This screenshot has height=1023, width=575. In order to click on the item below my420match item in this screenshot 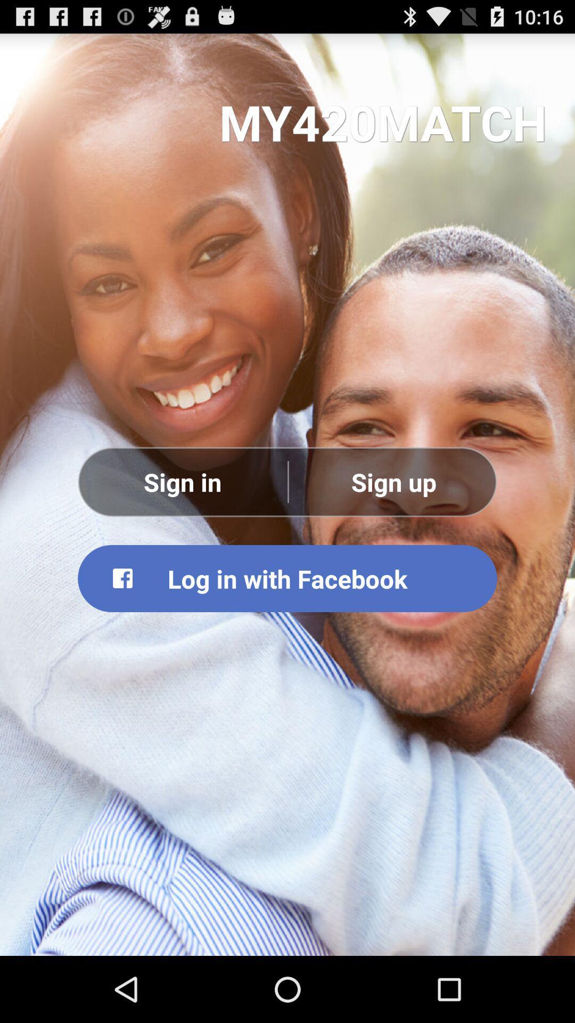, I will do `click(393, 481)`.